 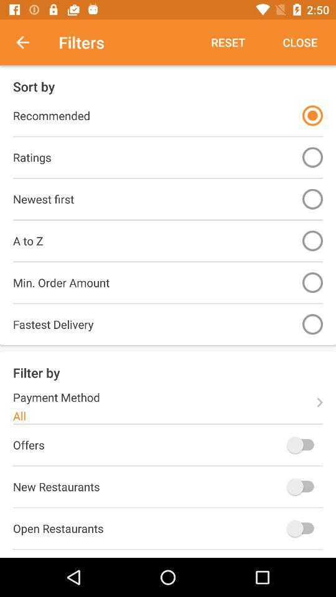 I want to click on the icon next to fastest delivery icon, so click(x=312, y=323).